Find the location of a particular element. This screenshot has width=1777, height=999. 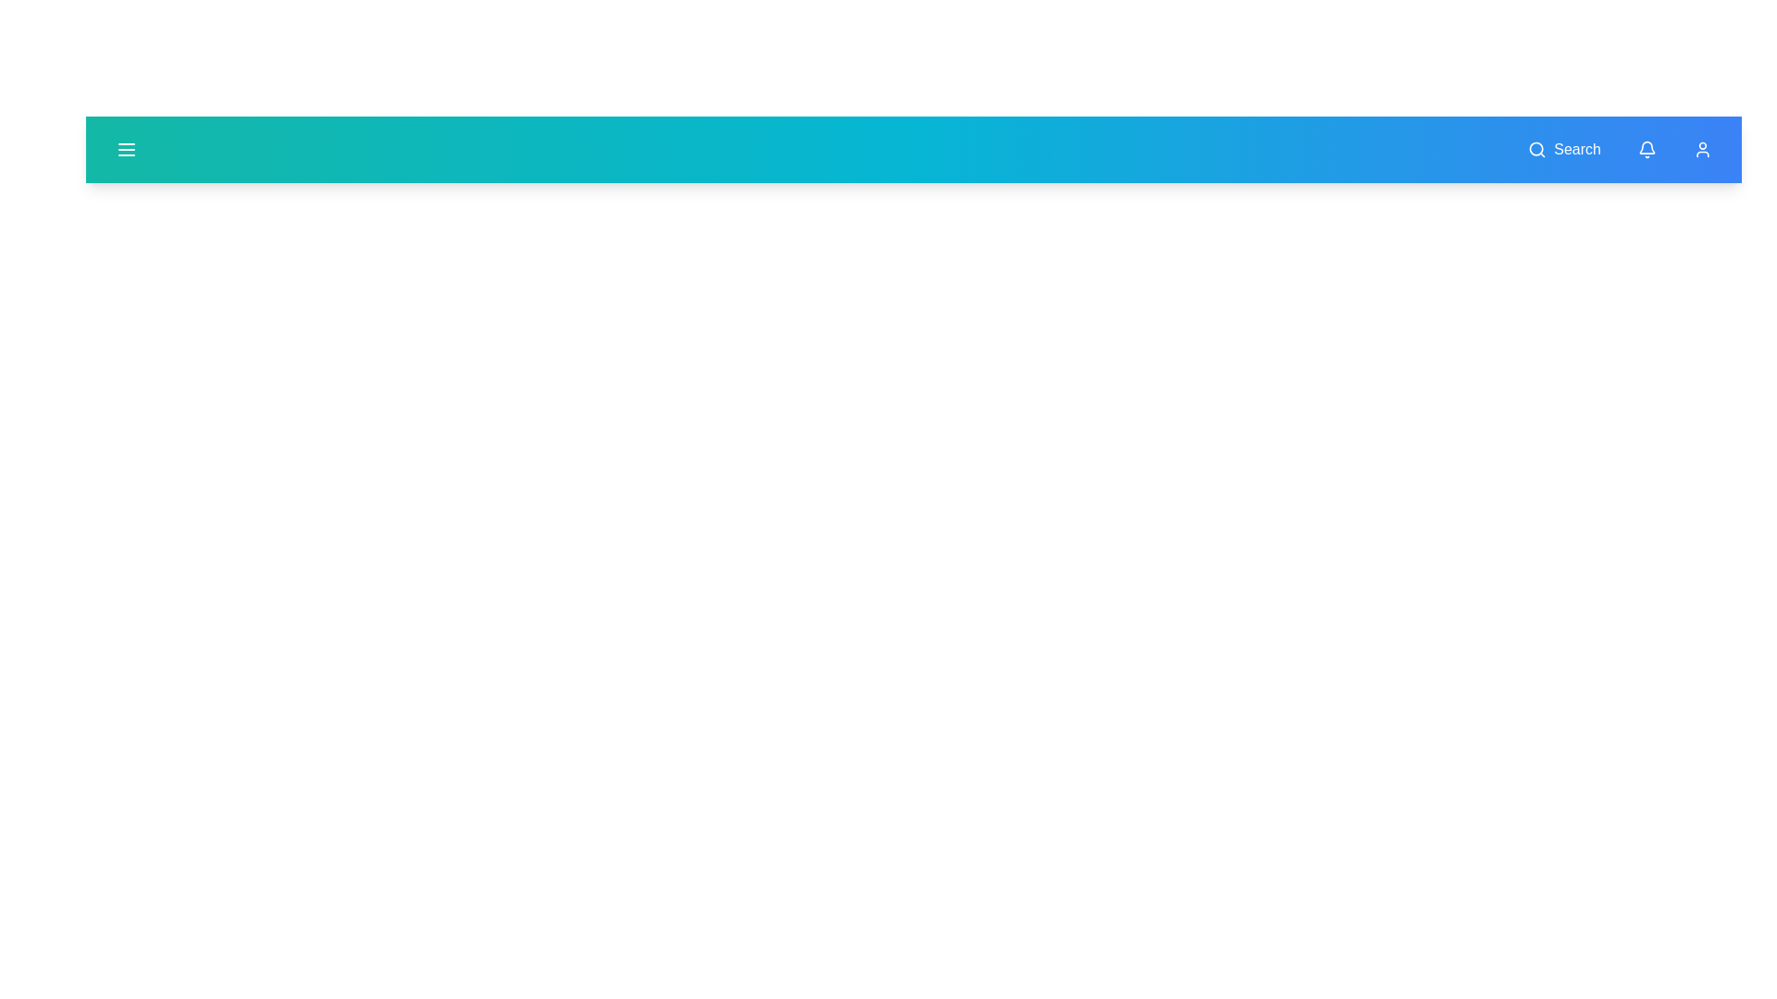

the user icon to open the user profile is located at coordinates (1702, 149).